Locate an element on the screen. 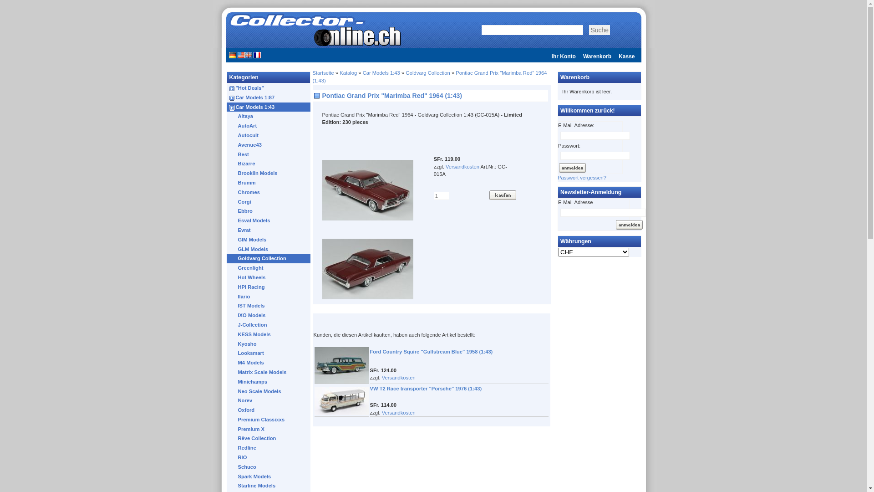 The image size is (874, 492). 'Brumm' is located at coordinates (269, 183).